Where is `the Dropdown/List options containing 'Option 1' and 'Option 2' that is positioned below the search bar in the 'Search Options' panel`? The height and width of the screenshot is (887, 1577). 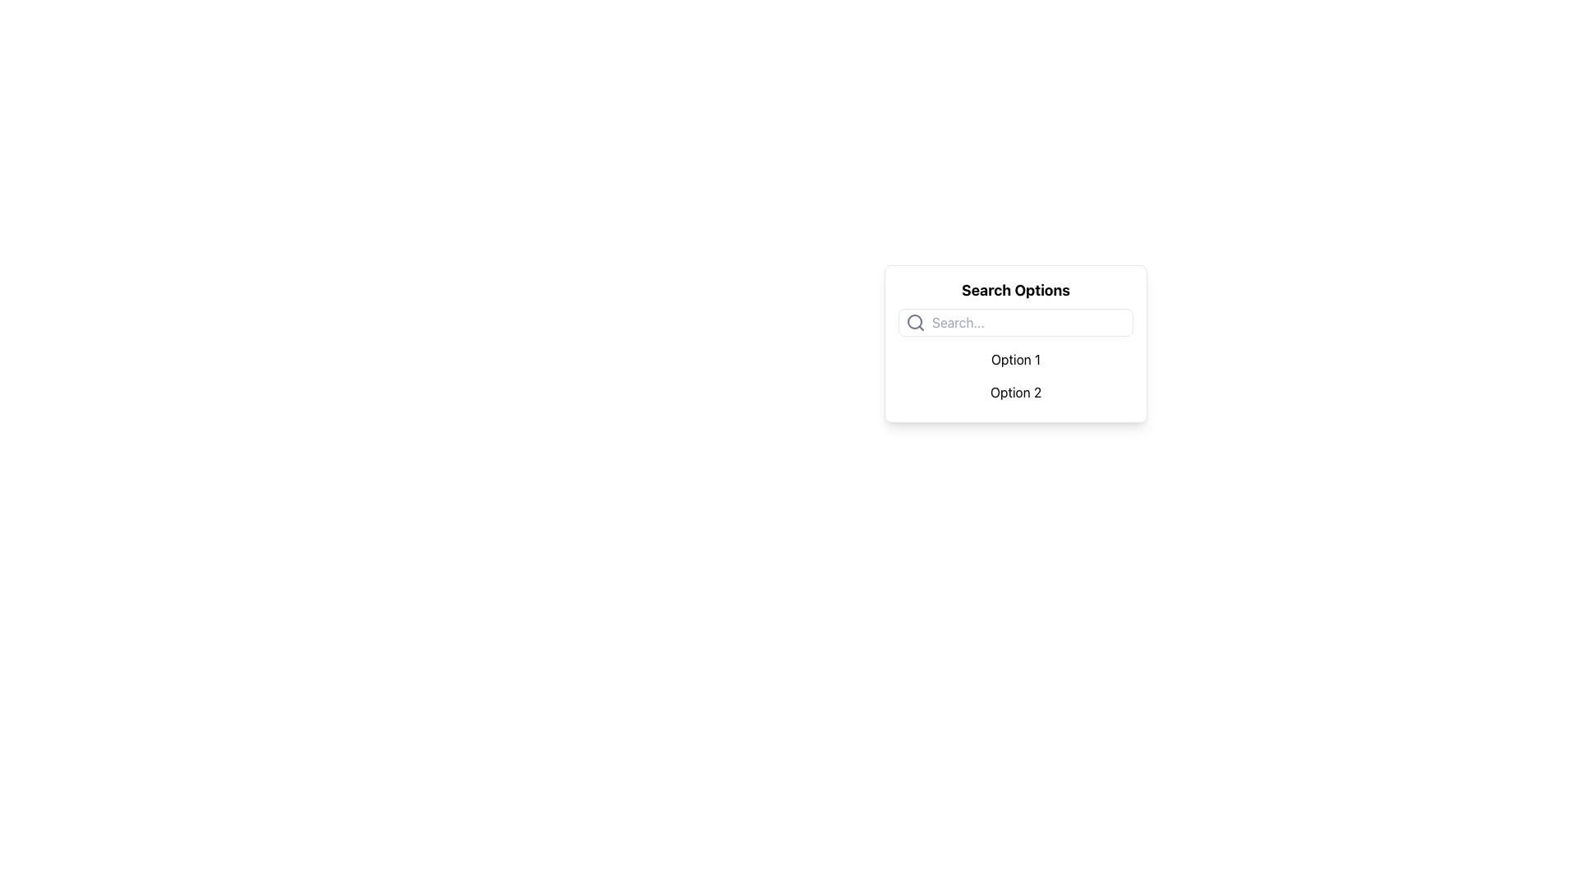 the Dropdown/List options containing 'Option 1' and 'Option 2' that is positioned below the search bar in the 'Search Options' panel is located at coordinates (1015, 376).